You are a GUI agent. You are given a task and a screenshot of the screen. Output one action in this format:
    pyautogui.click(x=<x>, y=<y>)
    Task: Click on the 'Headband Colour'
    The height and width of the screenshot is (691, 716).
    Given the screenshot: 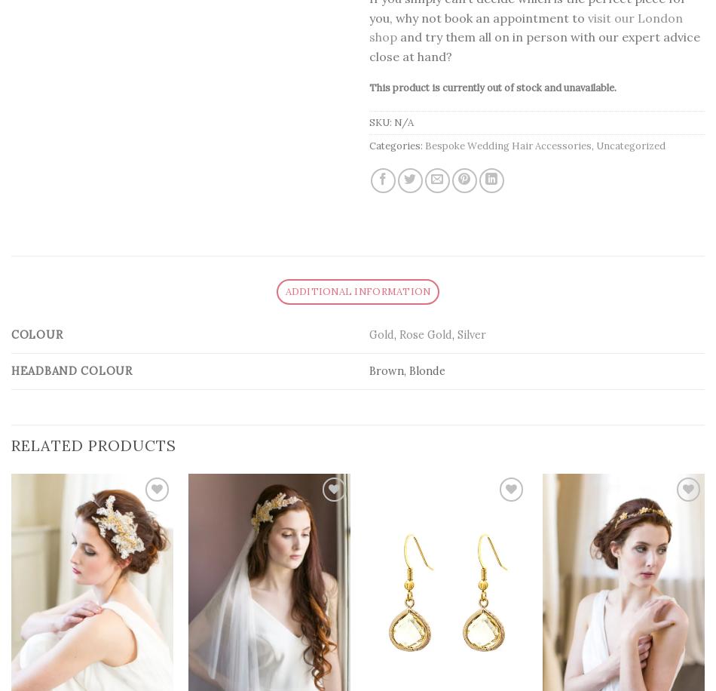 What is the action you would take?
    pyautogui.click(x=72, y=370)
    